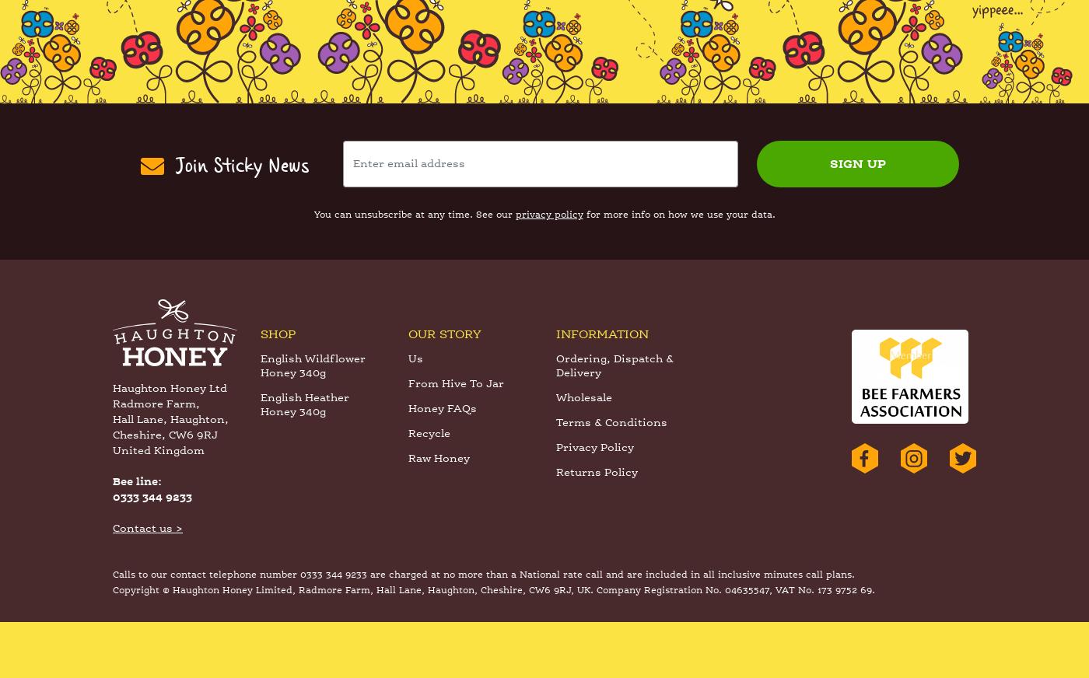 The image size is (1089, 678). I want to click on 'Shop', so click(278, 391).